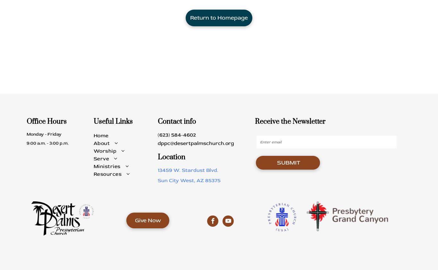 The width and height of the screenshot is (438, 270). I want to click on 'Home', so click(94, 135).